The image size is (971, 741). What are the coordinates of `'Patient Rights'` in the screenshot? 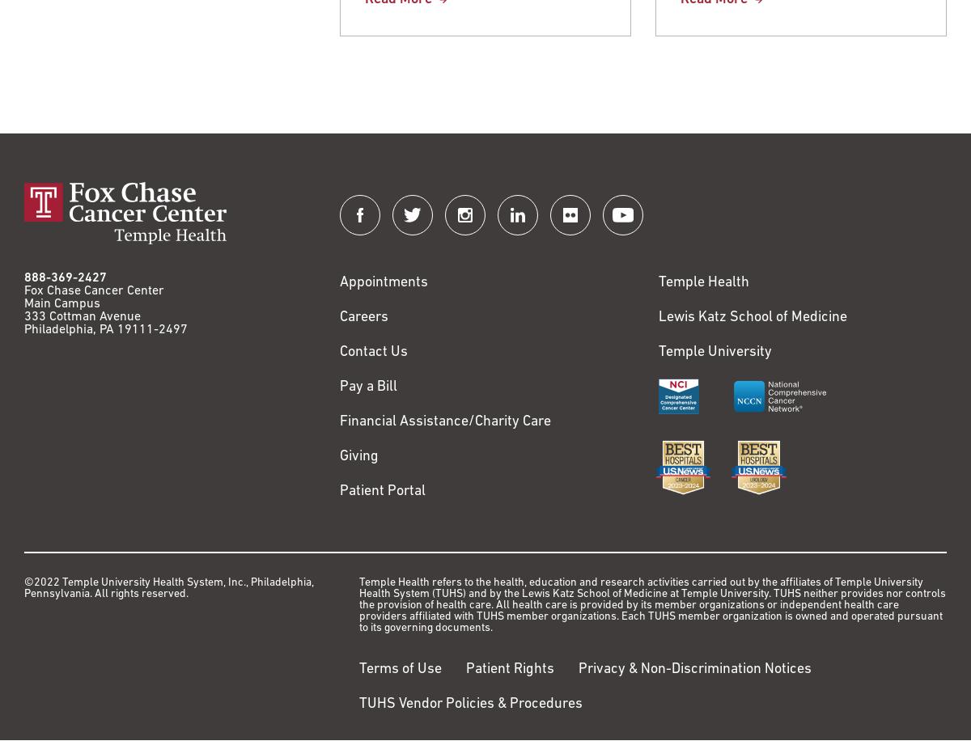 It's located at (465, 669).